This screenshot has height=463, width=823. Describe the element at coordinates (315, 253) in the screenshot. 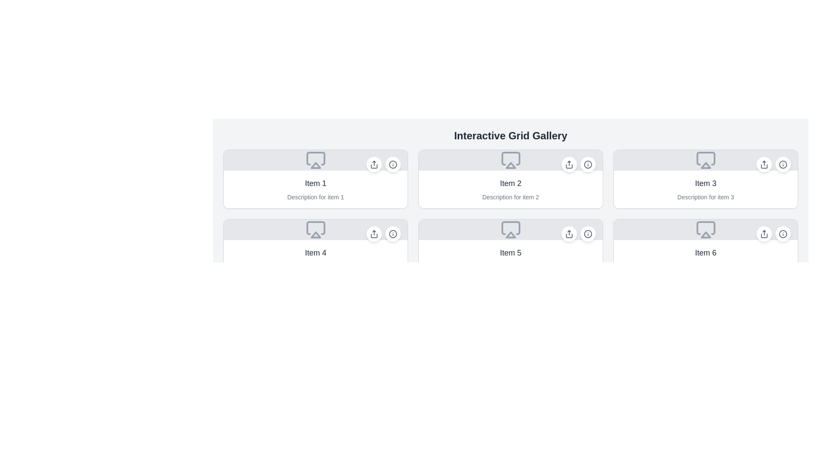

I see `text label displaying 'Item 4', which is a medium-sized, bold, dark gray text positioned in the second row, first column of a grid structure` at that location.